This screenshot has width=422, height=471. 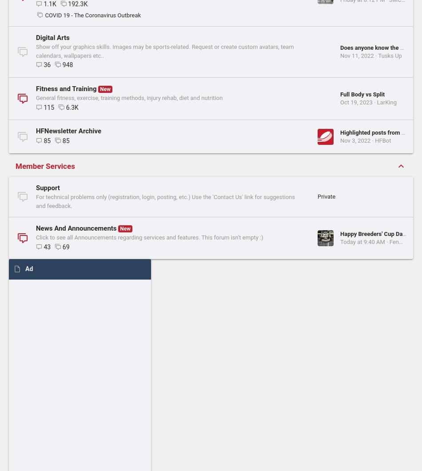 I want to click on '297.9K', so click(x=77, y=431).